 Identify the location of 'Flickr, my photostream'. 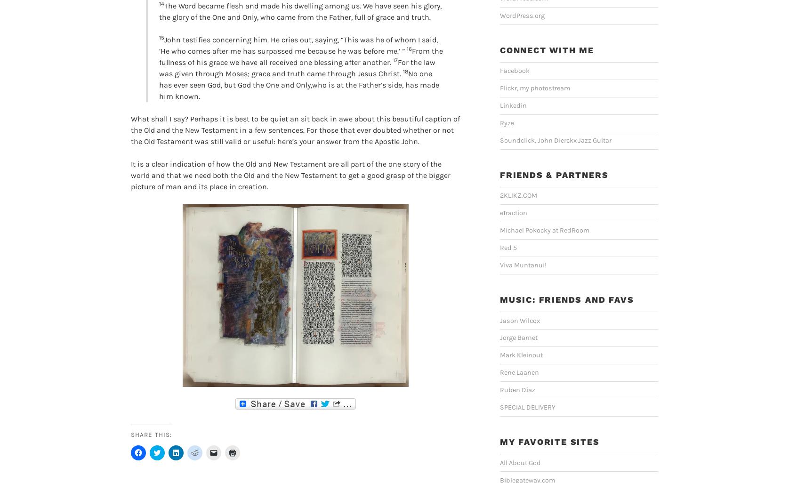
(534, 88).